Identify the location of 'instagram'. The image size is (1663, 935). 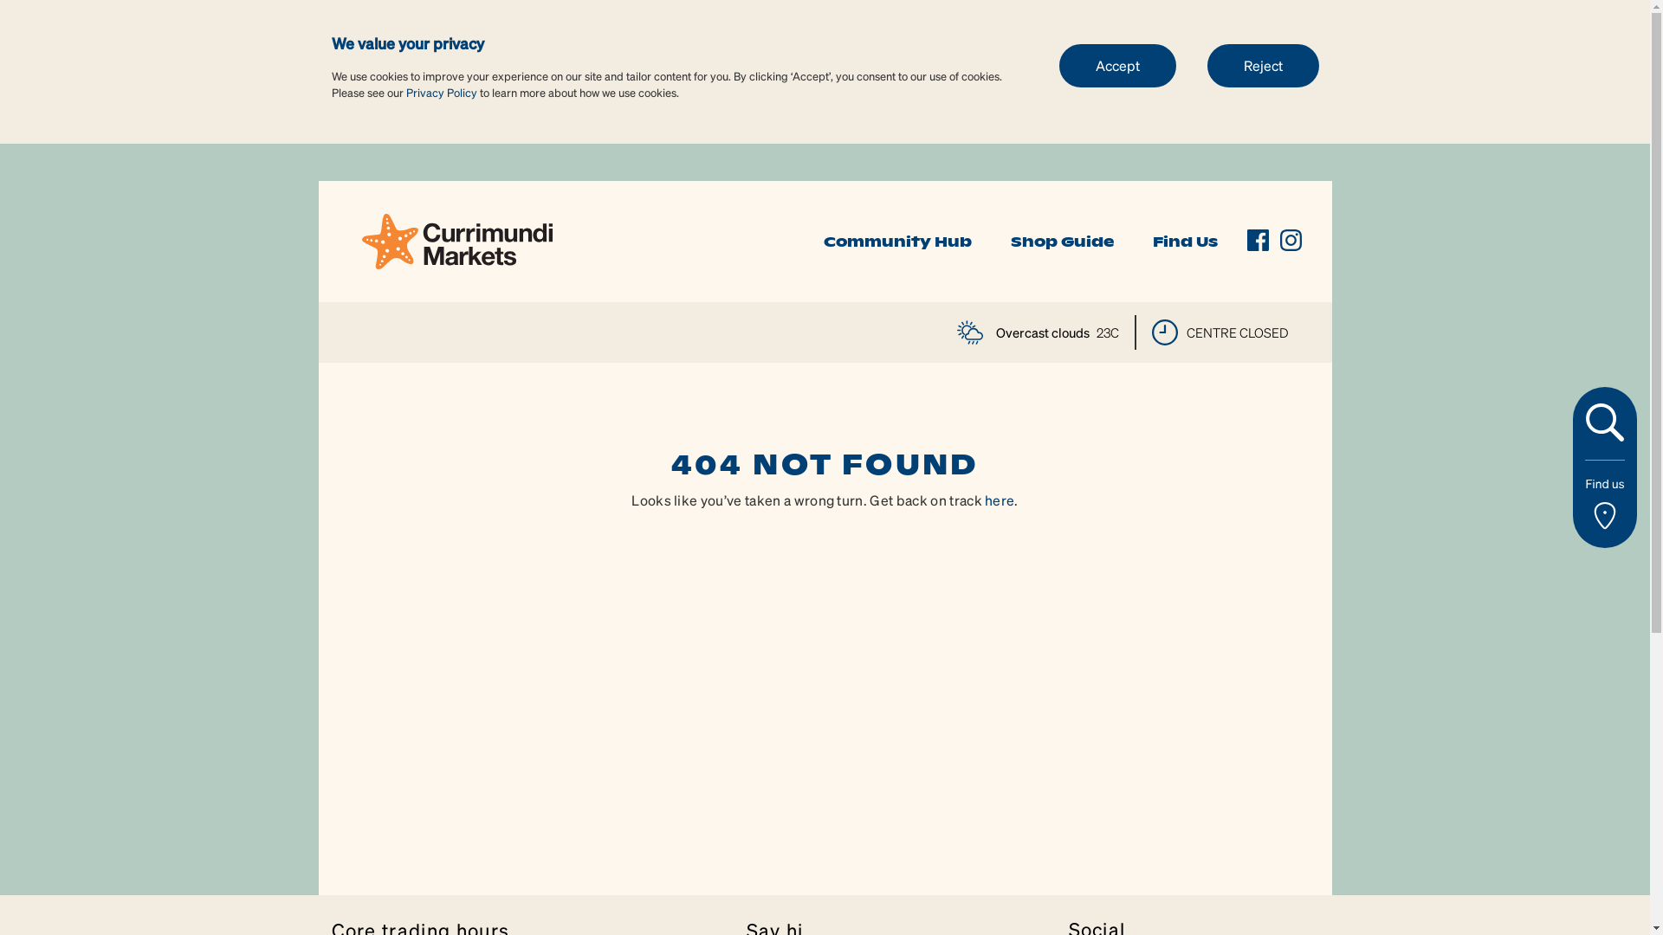
(1280, 240).